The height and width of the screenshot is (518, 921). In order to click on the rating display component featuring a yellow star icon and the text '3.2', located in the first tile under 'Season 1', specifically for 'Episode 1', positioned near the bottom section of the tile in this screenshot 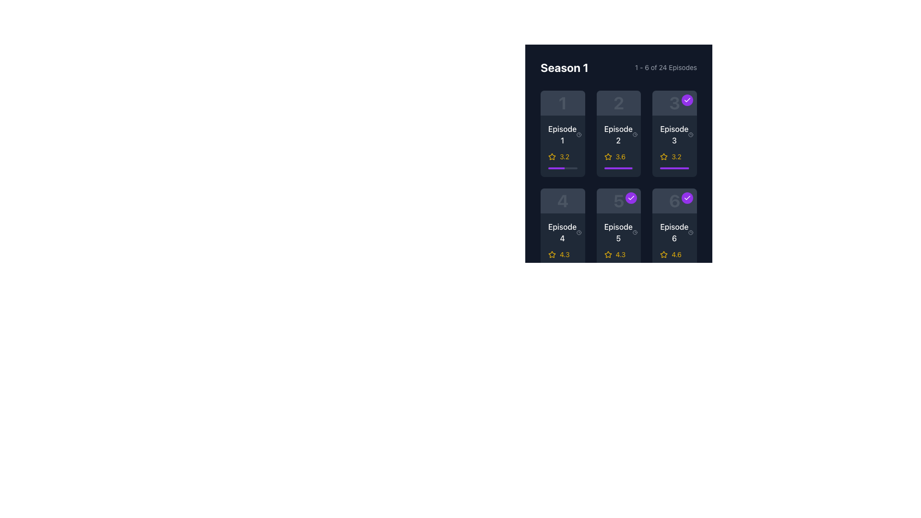, I will do `click(563, 156)`.